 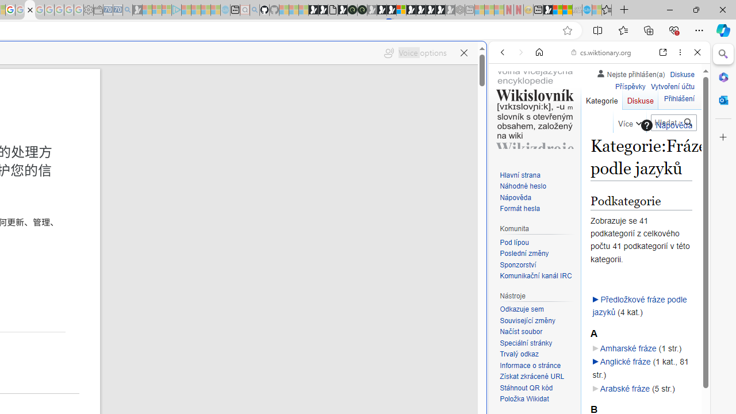 I want to click on 'Wallet - Sleeping', so click(x=98, y=10).